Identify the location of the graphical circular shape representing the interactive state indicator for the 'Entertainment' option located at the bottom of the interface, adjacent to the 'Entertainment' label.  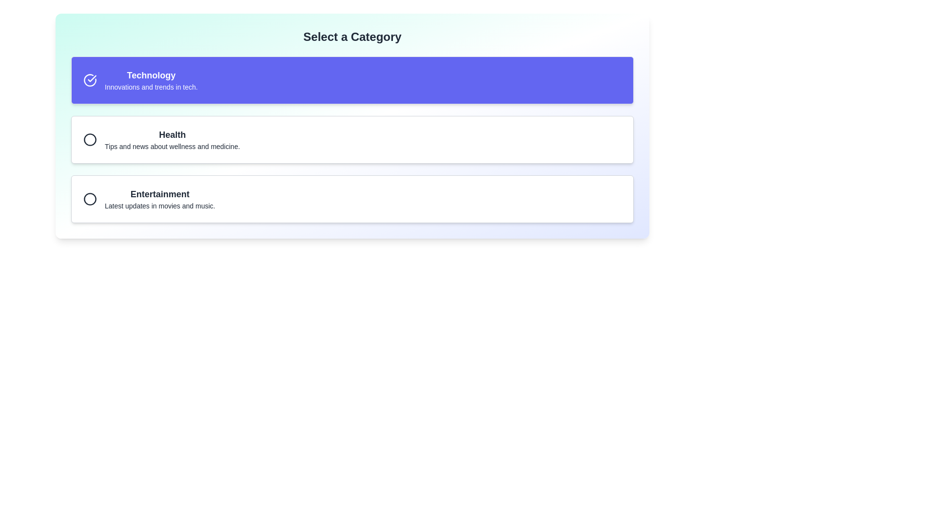
(90, 198).